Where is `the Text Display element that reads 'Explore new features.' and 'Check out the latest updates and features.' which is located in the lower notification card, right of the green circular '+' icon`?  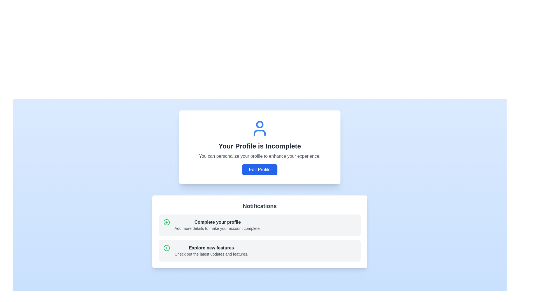 the Text Display element that reads 'Explore new features.' and 'Check out the latest updates and features.' which is located in the lower notification card, right of the green circular '+' icon is located at coordinates (211, 251).